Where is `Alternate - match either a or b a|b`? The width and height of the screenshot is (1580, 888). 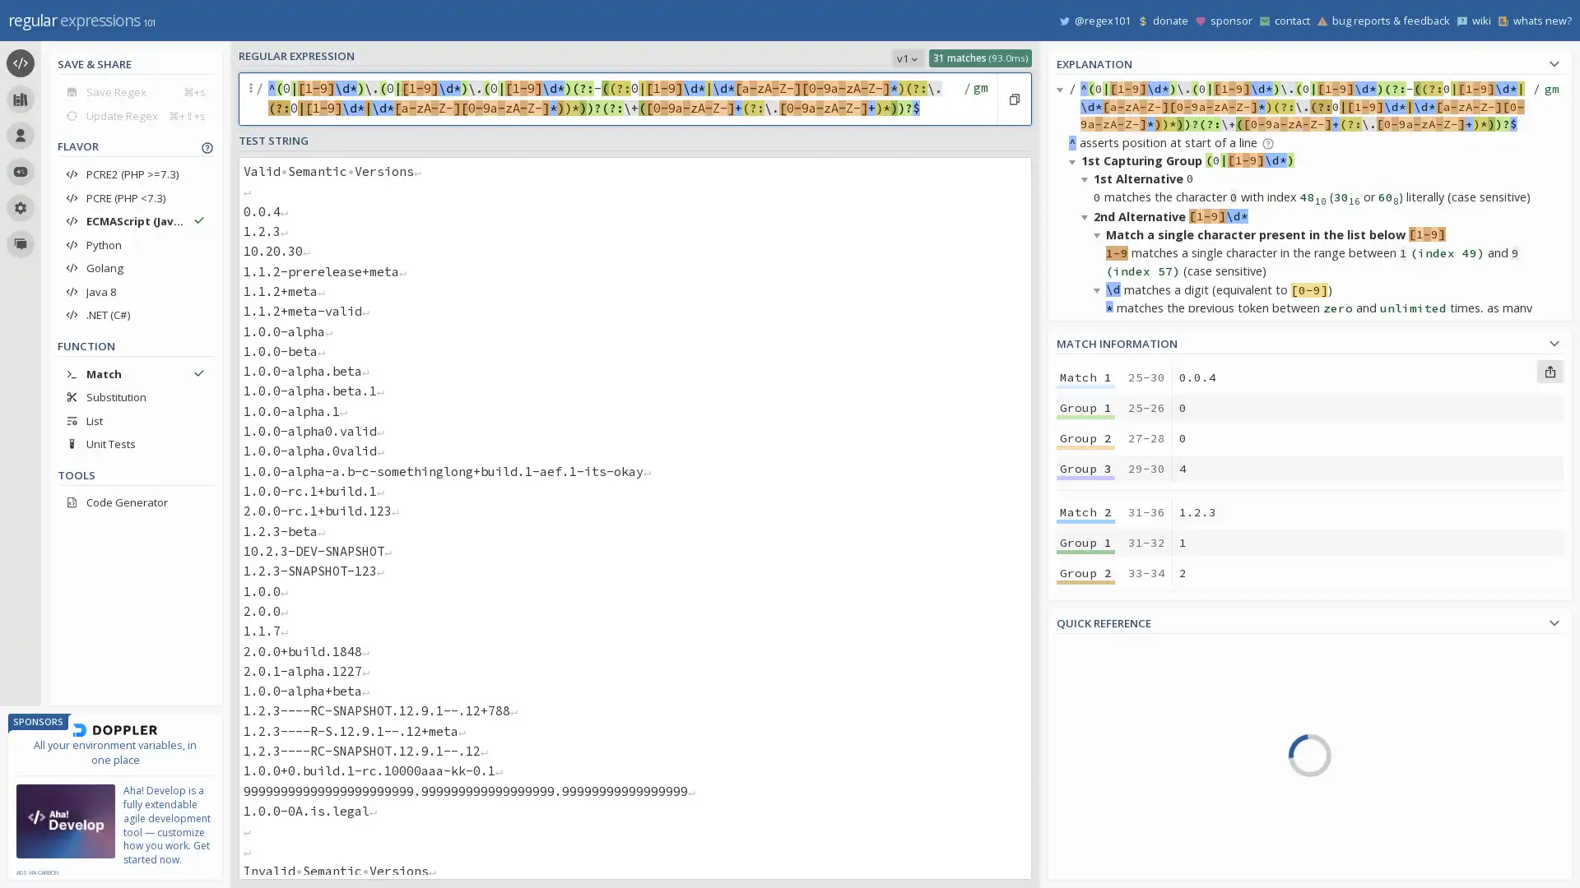
Alternate - match either a or b a|b is located at coordinates (1392, 791).